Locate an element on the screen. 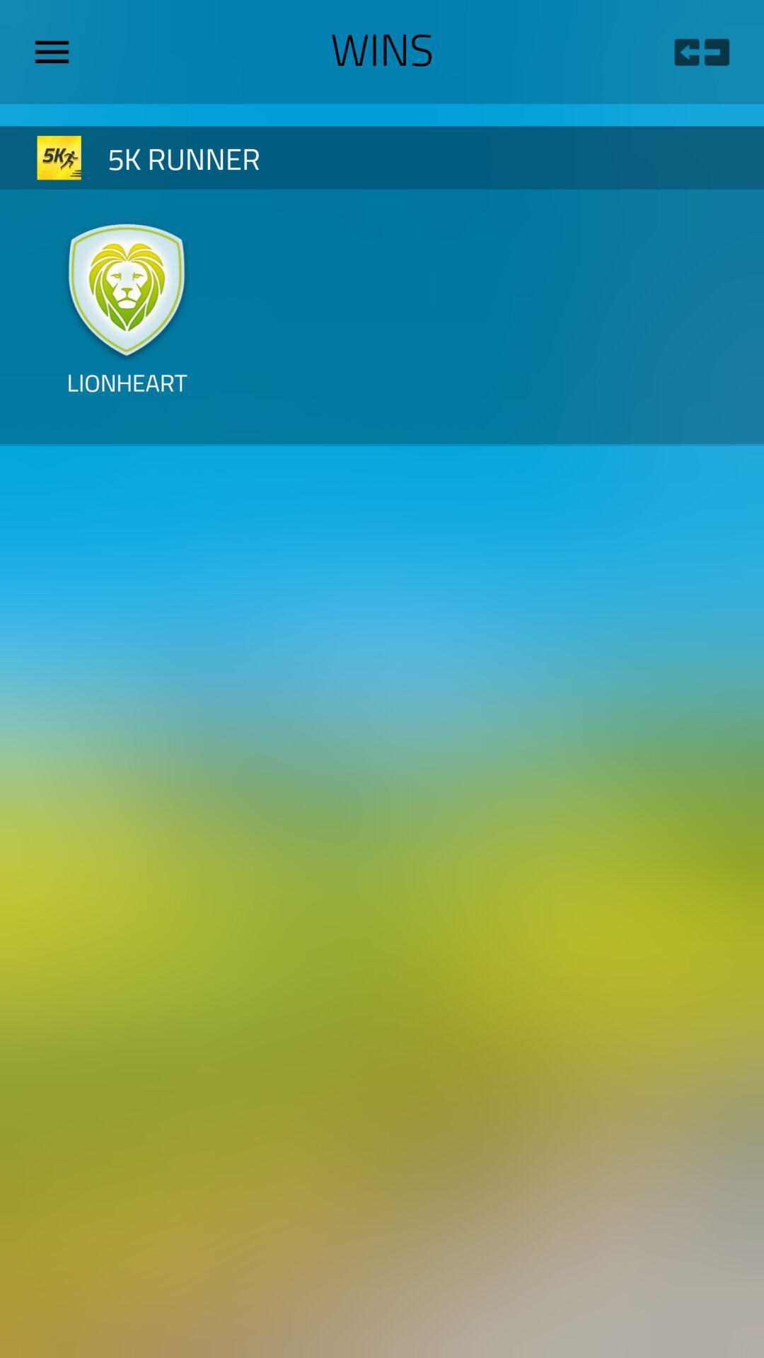 The width and height of the screenshot is (764, 1358). item above lionheart is located at coordinates (126, 288).